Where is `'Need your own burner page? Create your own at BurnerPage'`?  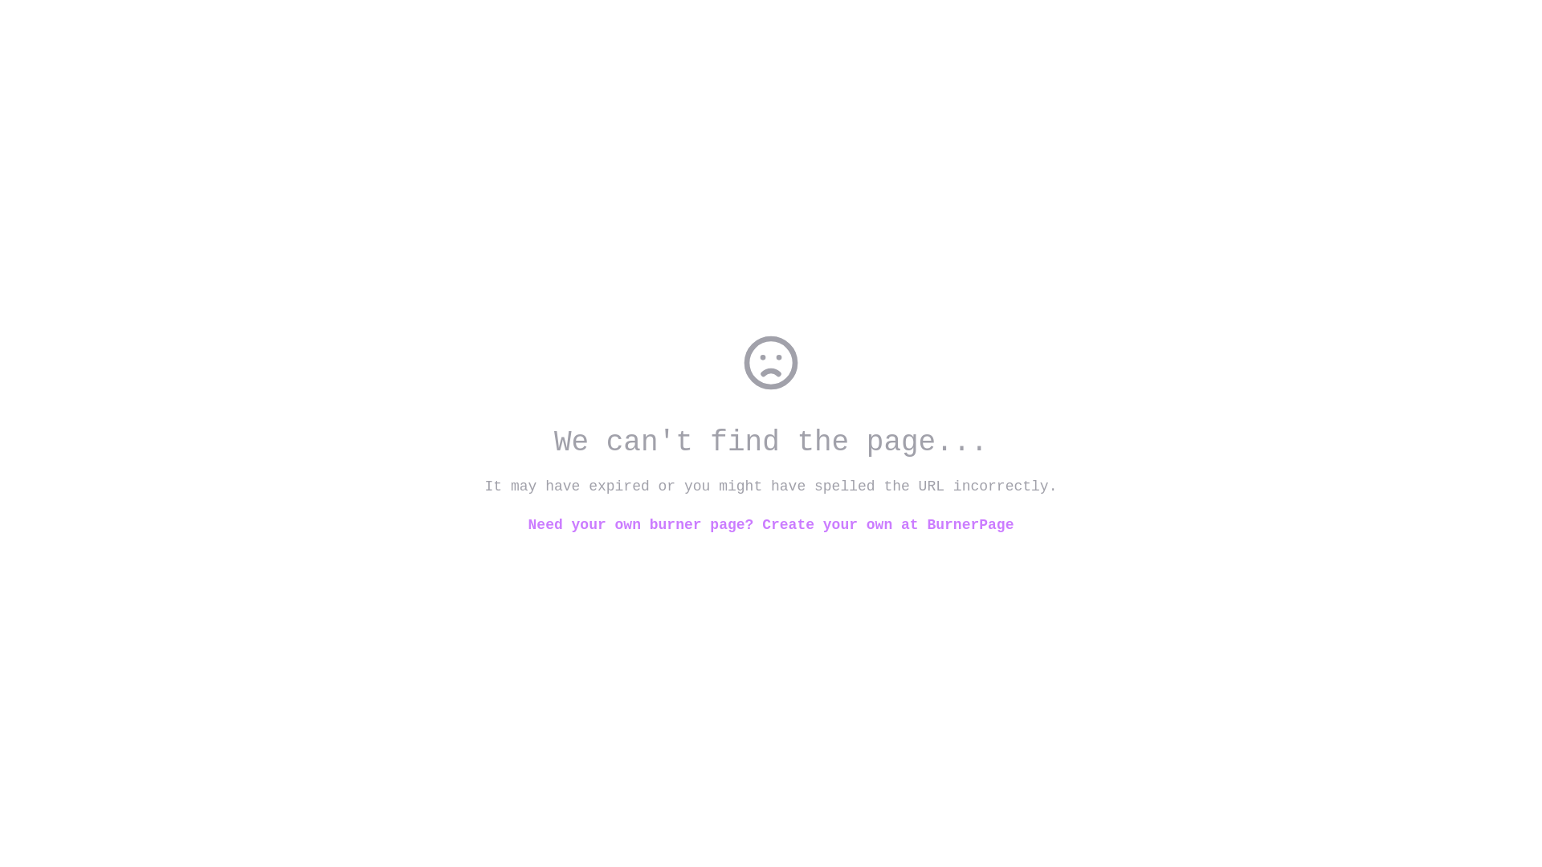
'Need your own burner page? Create your own at BurnerPage' is located at coordinates (771, 525).